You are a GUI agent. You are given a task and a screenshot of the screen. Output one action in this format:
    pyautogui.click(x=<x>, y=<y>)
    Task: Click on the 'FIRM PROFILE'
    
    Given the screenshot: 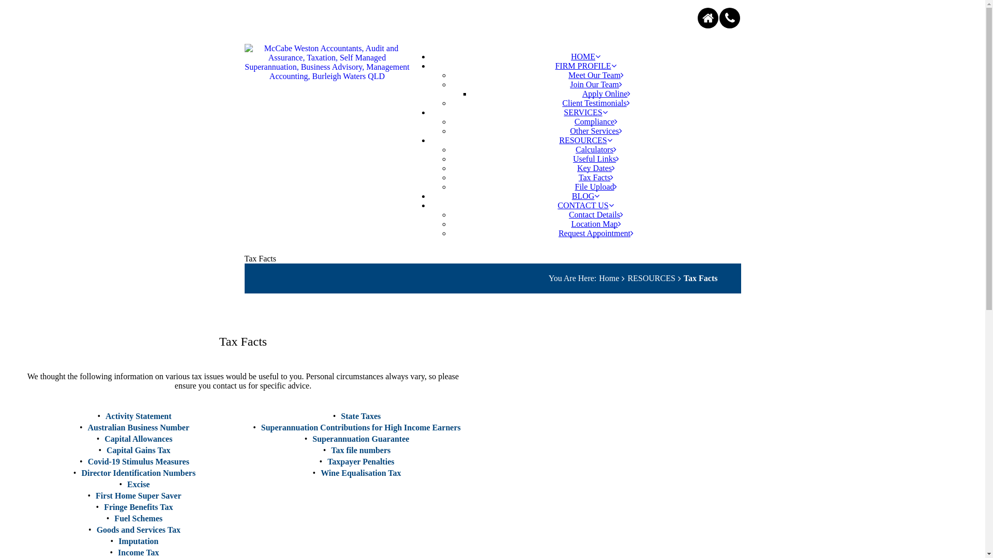 What is the action you would take?
    pyautogui.click(x=554, y=66)
    